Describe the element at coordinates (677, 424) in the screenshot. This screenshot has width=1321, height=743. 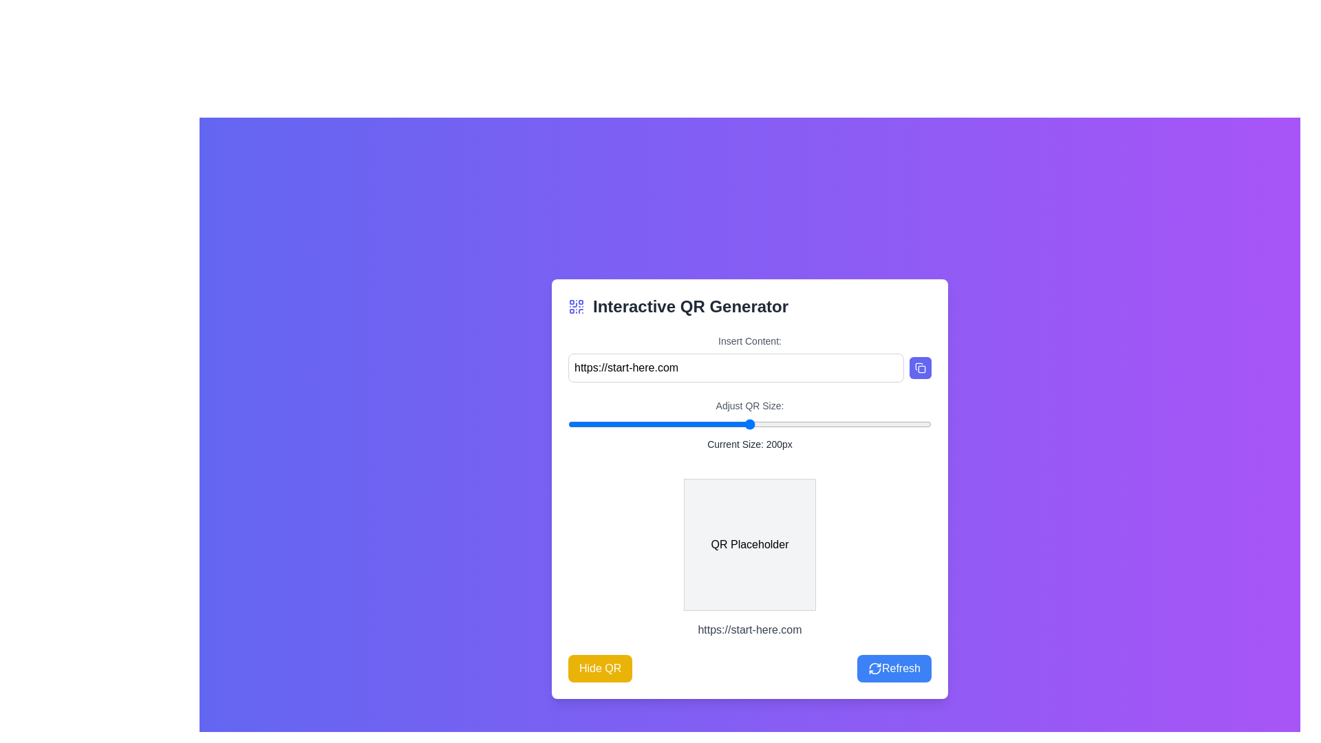
I see `the QR code size` at that location.